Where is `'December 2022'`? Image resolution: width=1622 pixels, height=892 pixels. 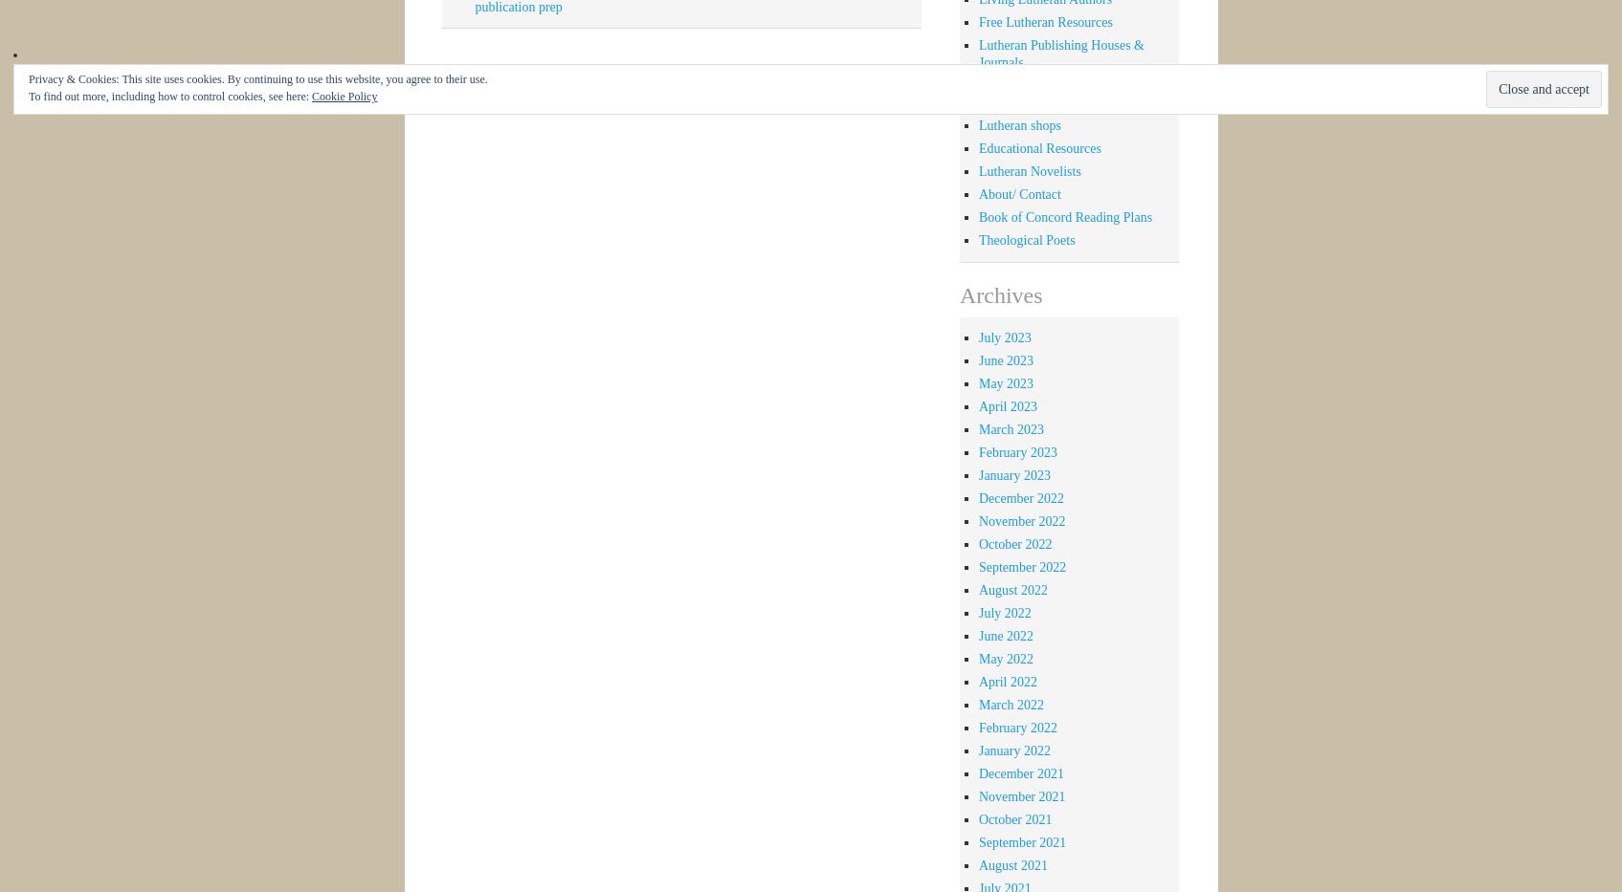
'December 2022' is located at coordinates (1020, 496).